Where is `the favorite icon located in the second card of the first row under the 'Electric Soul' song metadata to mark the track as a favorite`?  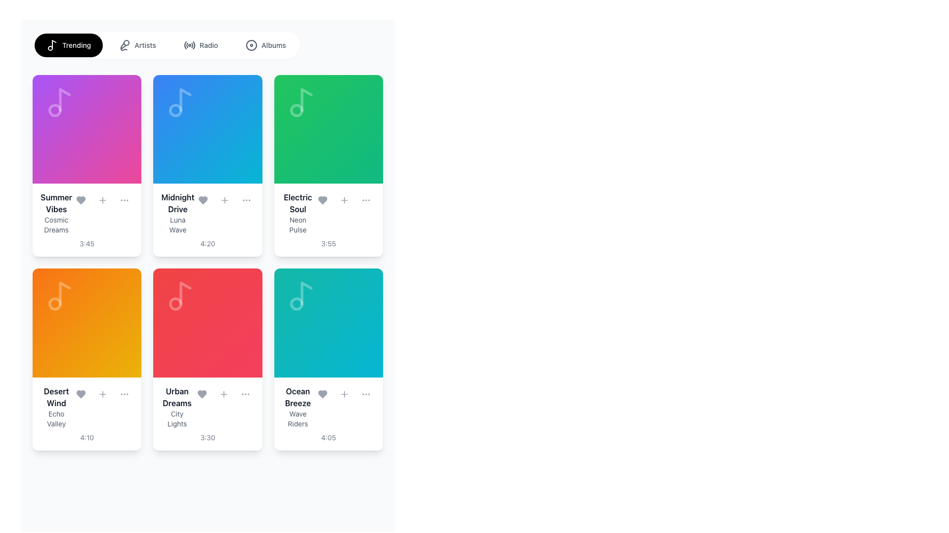
the favorite icon located in the second card of the first row under the 'Electric Soul' song metadata to mark the track as a favorite is located at coordinates (322, 200).